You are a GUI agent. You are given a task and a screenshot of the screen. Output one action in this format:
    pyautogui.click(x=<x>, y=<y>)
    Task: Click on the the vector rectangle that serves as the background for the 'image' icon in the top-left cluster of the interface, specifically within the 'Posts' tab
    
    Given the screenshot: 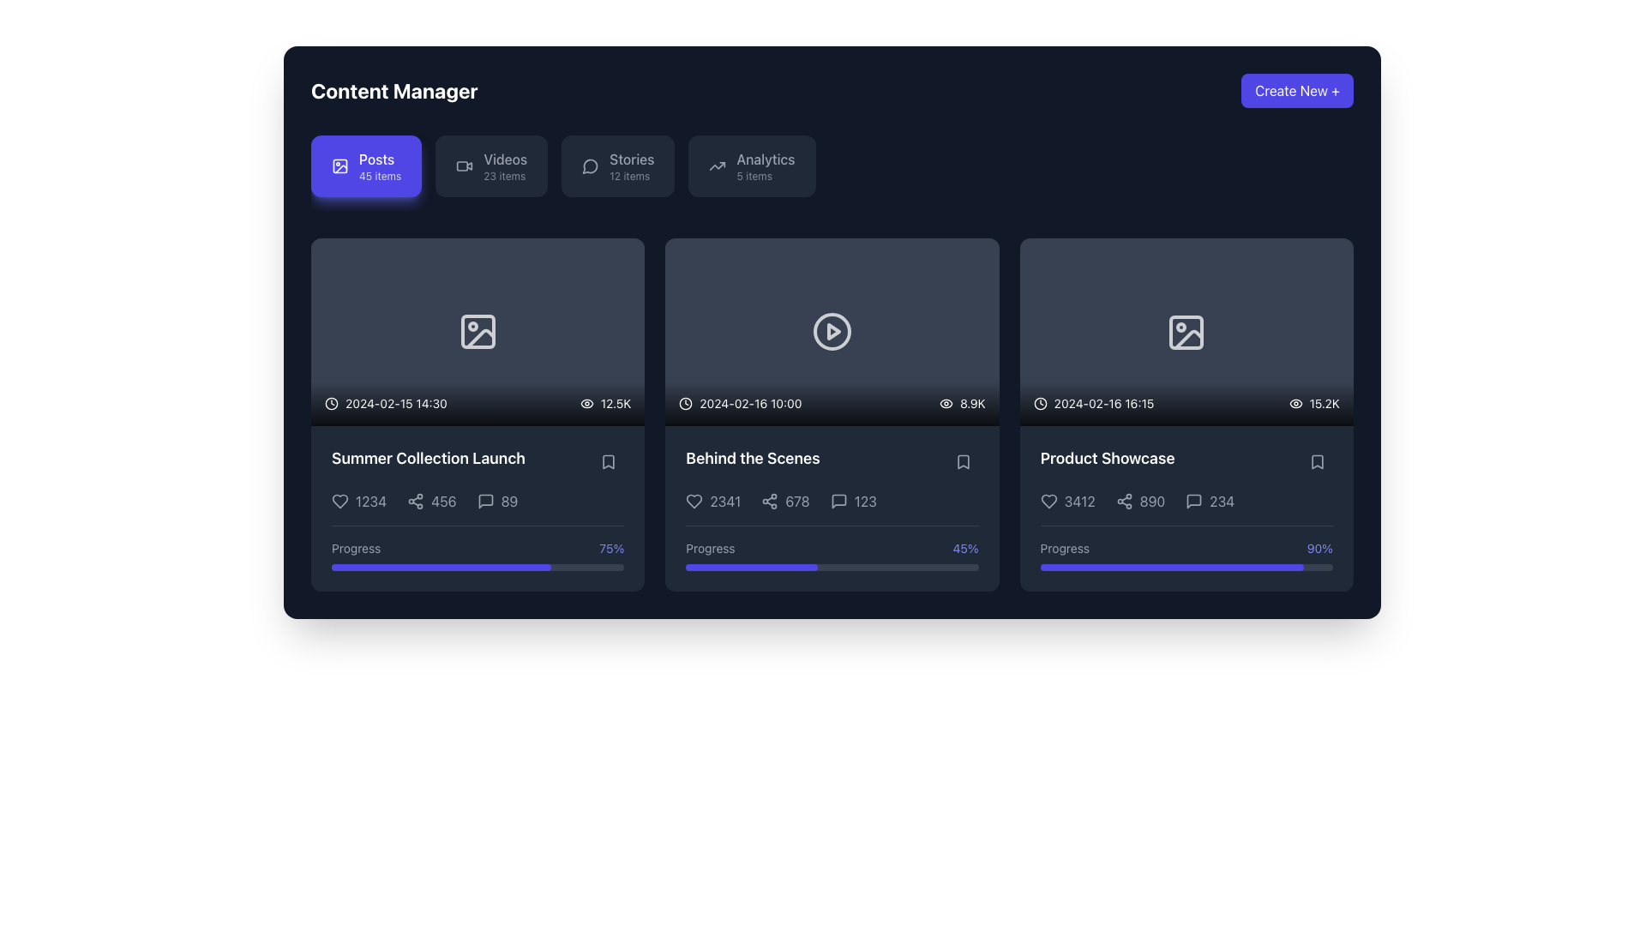 What is the action you would take?
    pyautogui.click(x=340, y=165)
    